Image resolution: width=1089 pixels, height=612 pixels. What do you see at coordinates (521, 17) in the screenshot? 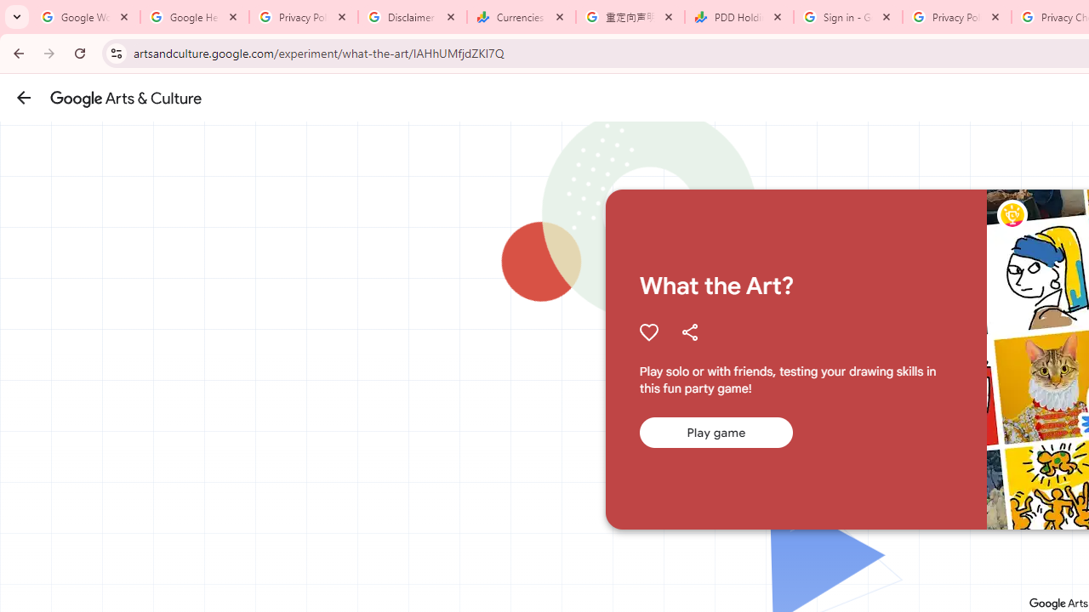
I see `'Currencies - Google Finance'` at bounding box center [521, 17].